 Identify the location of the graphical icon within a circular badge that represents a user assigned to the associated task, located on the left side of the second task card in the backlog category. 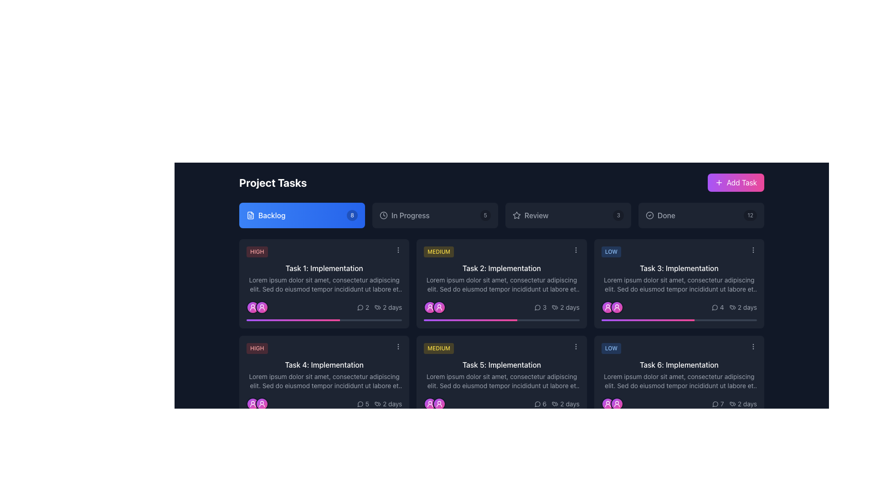
(262, 307).